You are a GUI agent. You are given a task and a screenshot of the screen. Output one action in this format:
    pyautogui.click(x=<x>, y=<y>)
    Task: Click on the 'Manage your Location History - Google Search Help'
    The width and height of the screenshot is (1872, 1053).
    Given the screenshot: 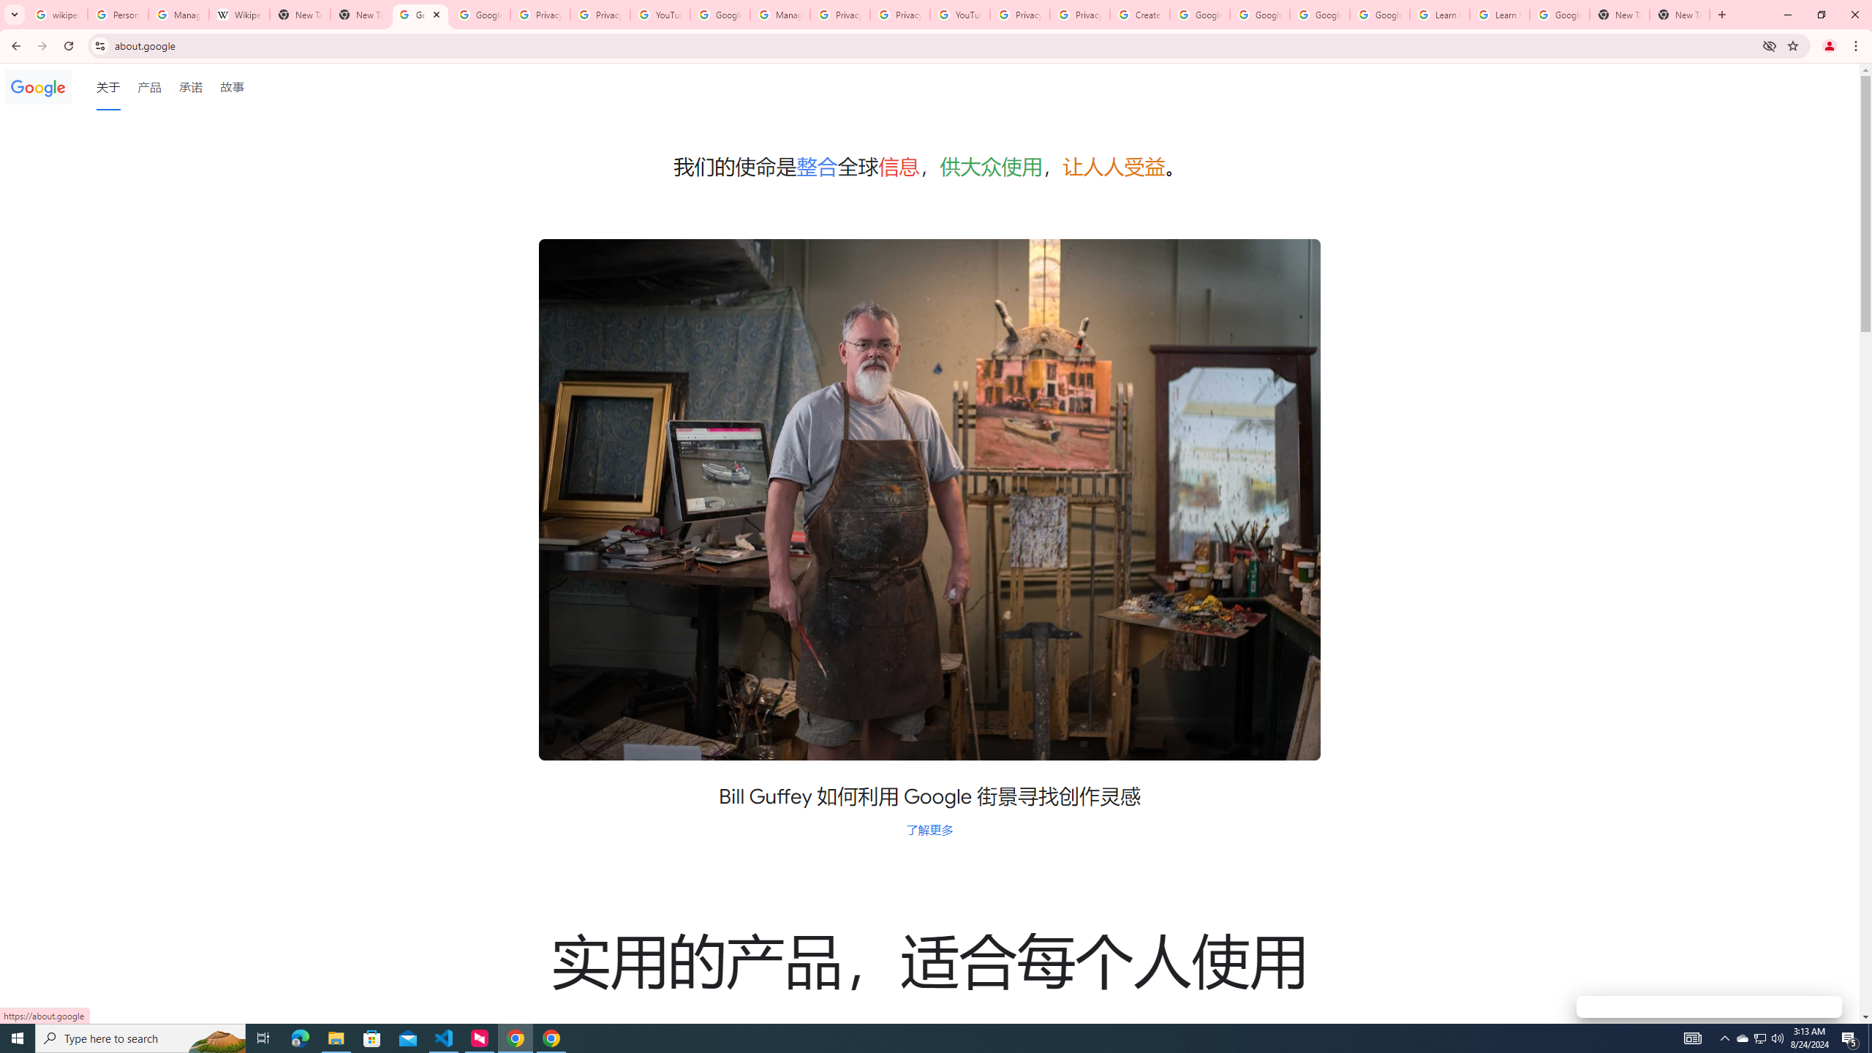 What is the action you would take?
    pyautogui.click(x=178, y=14)
    